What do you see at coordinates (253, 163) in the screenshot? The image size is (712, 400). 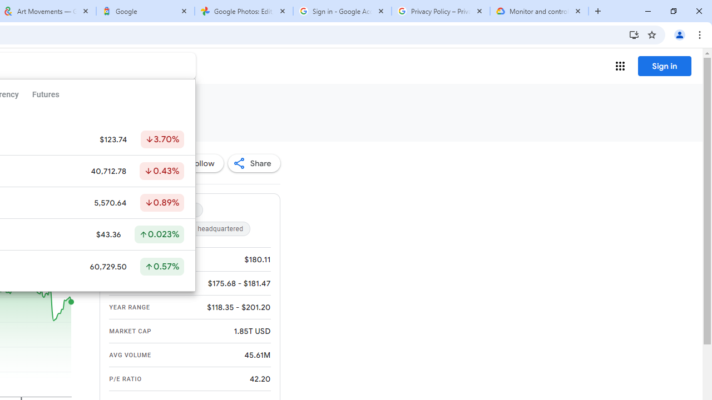 I see `'Share'` at bounding box center [253, 163].